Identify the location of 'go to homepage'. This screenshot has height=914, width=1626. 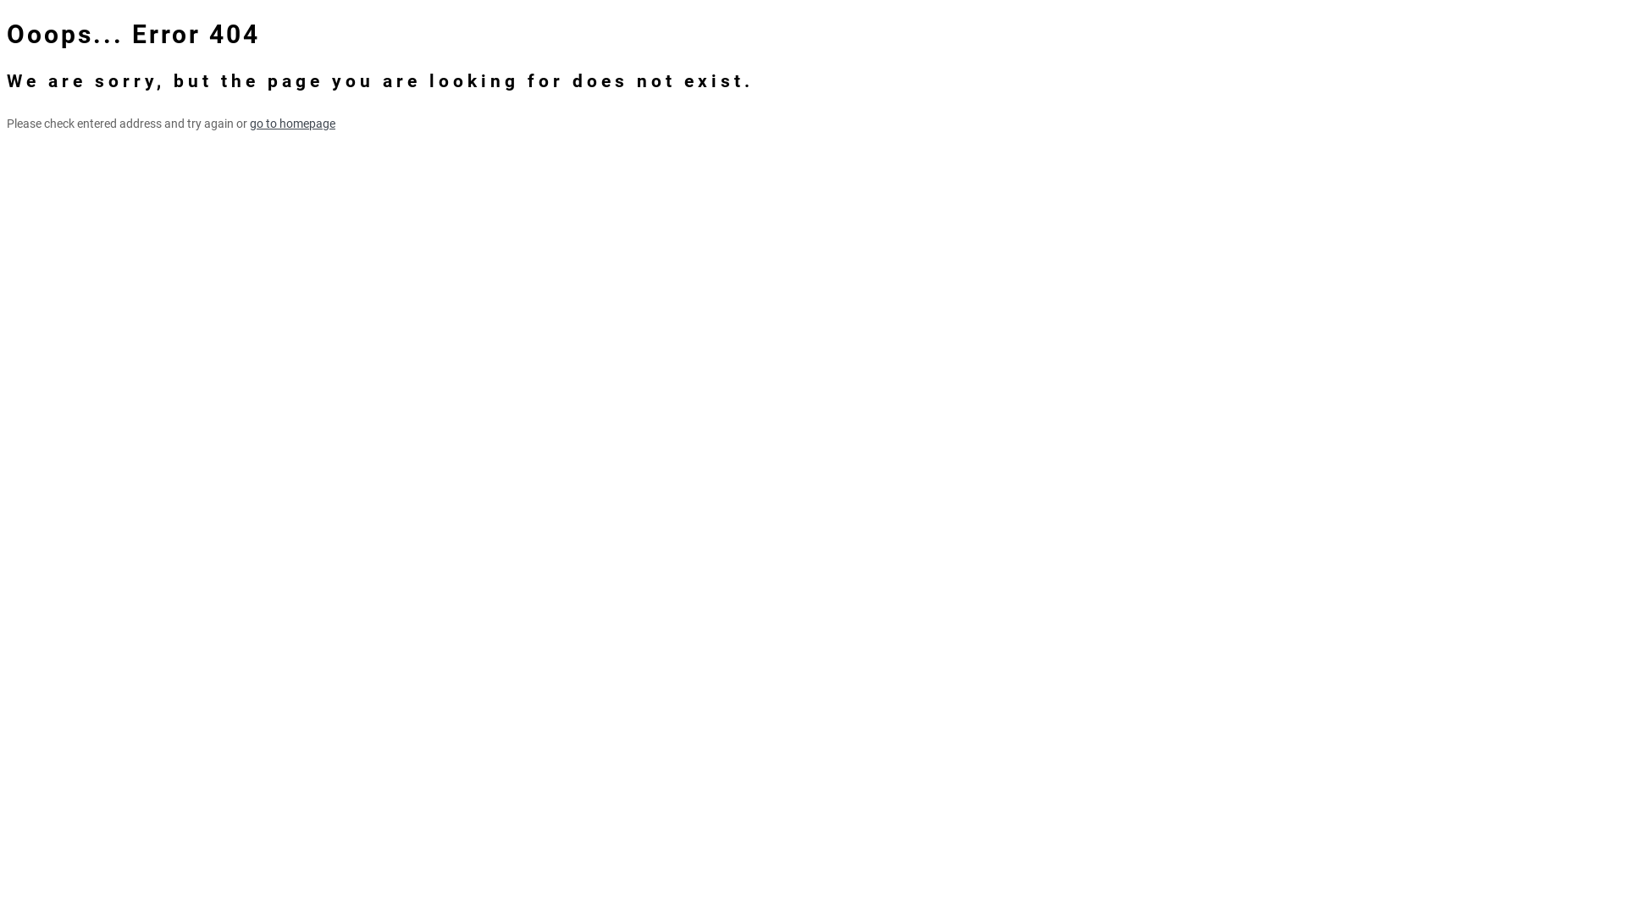
(248, 123).